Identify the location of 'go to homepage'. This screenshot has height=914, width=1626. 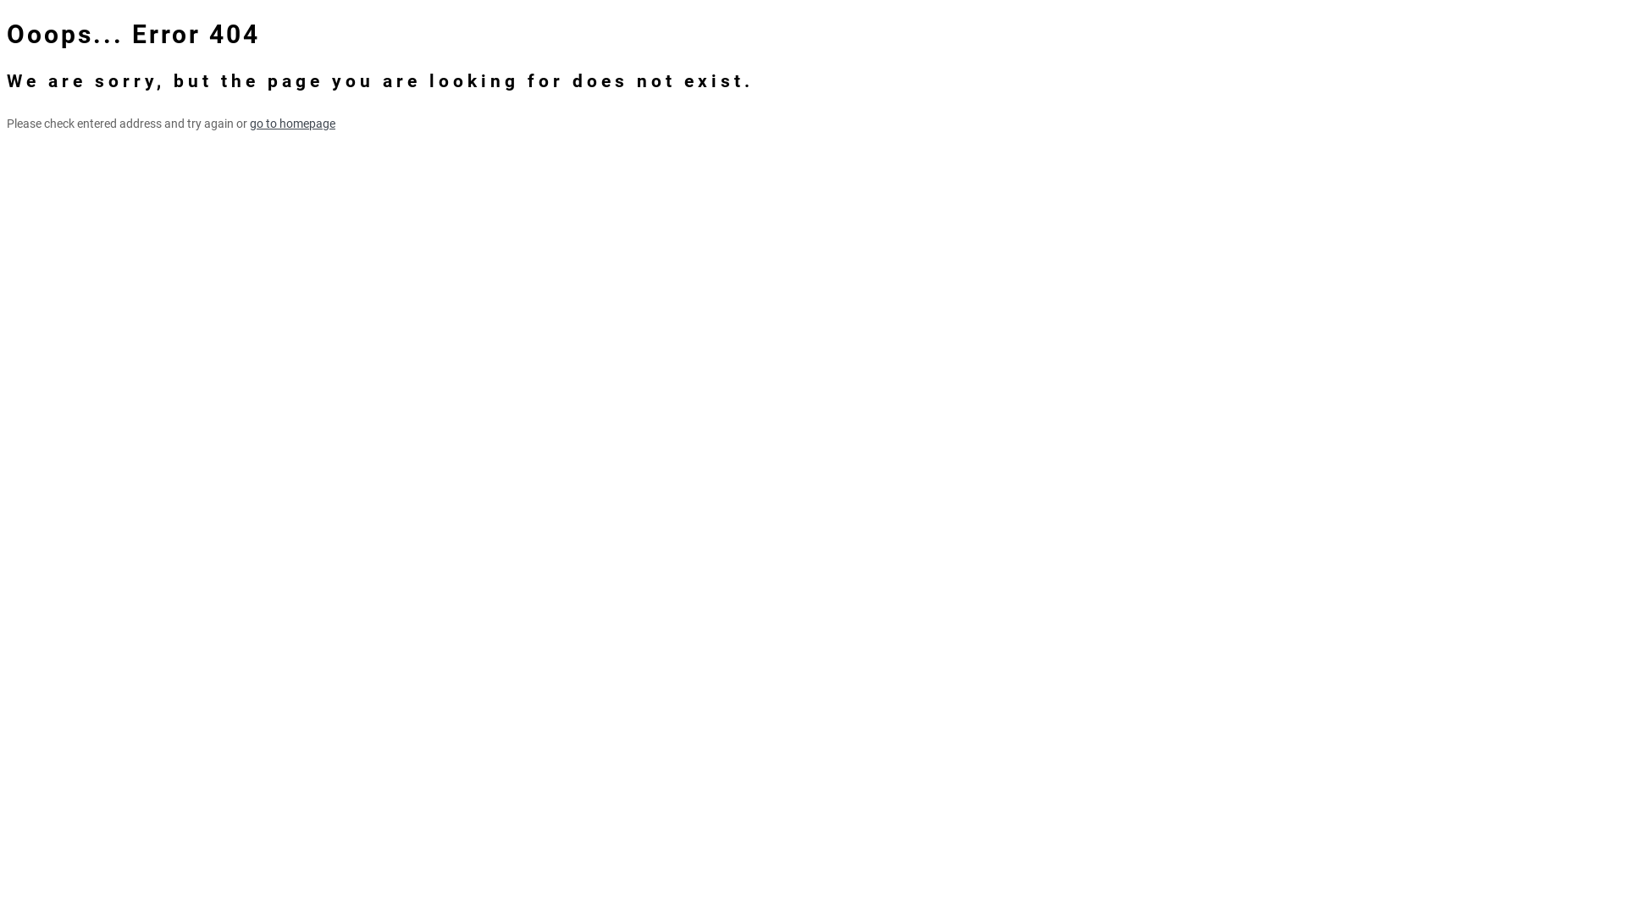
(248, 123).